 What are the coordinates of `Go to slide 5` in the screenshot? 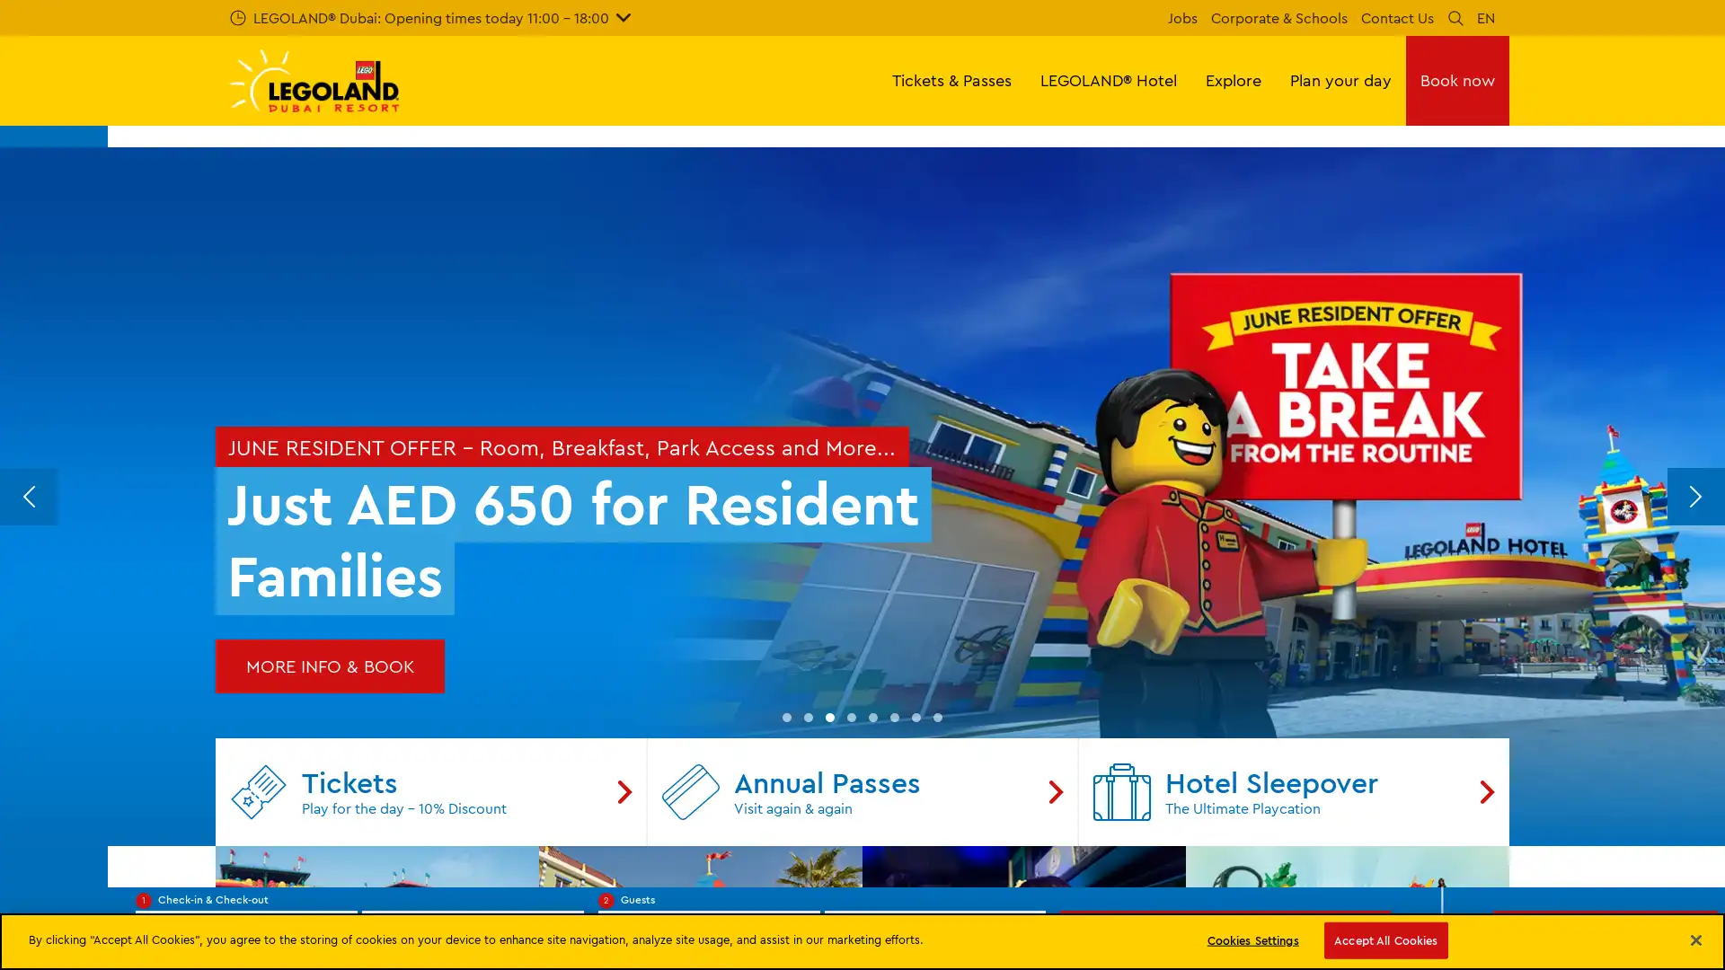 It's located at (872, 716).